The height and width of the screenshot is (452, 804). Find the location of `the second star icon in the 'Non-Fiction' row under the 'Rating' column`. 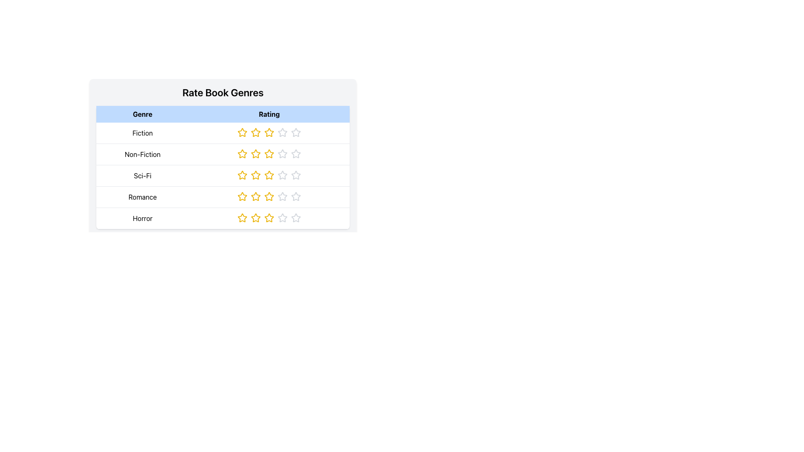

the second star icon in the 'Non-Fiction' row under the 'Rating' column is located at coordinates (242, 154).